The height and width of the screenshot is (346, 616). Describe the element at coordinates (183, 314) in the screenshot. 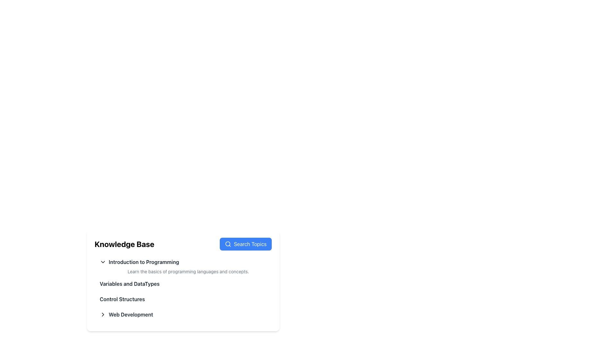

I see `the last item in the vertical list under the 'Knowledge Base' section` at that location.